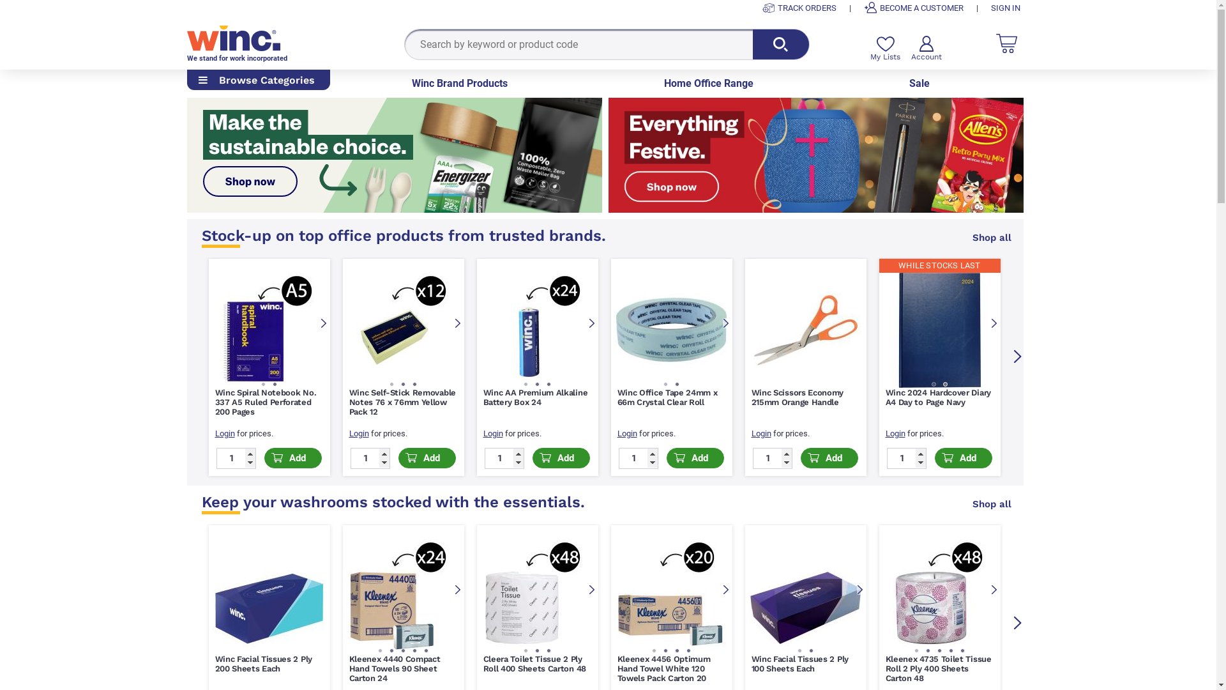 This screenshot has width=1226, height=690. I want to click on 'Account', so click(925, 48).